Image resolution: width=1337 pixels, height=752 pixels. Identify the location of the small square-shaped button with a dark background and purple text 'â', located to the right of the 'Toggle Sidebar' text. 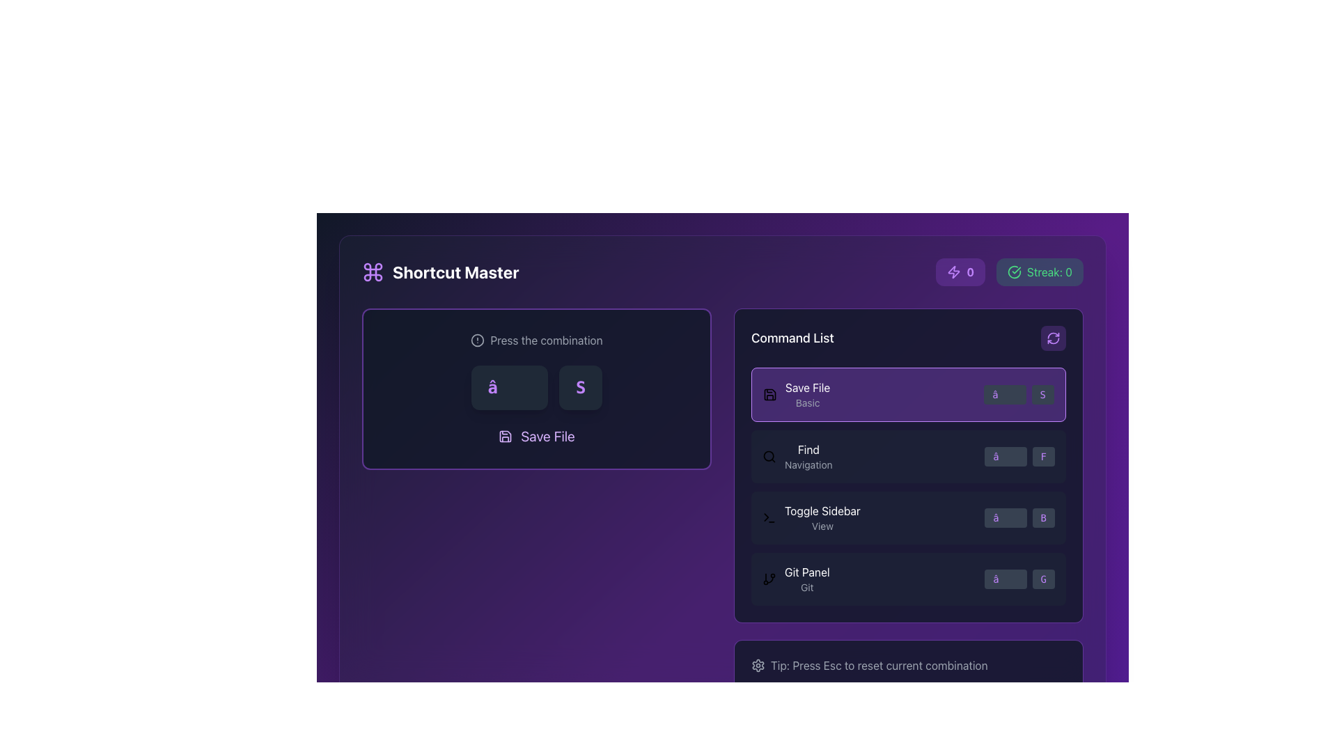
(1006, 518).